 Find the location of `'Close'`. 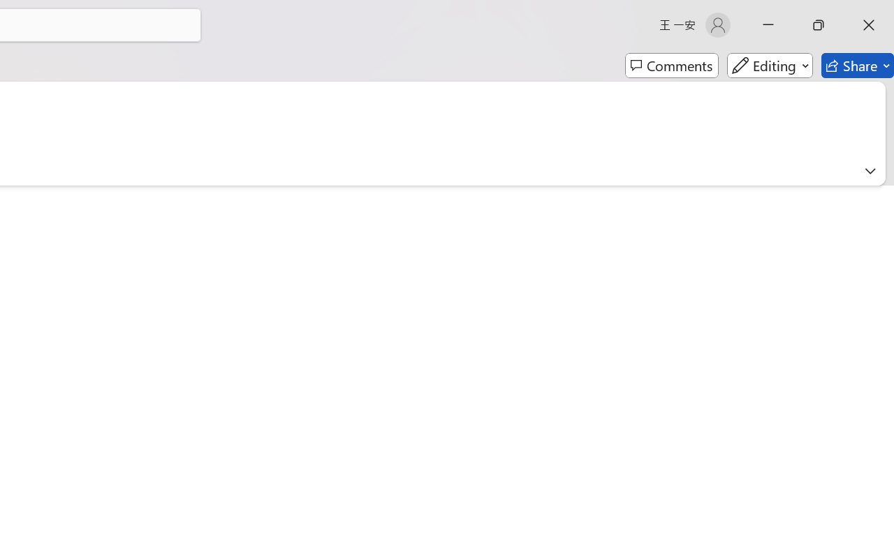

'Close' is located at coordinates (868, 24).